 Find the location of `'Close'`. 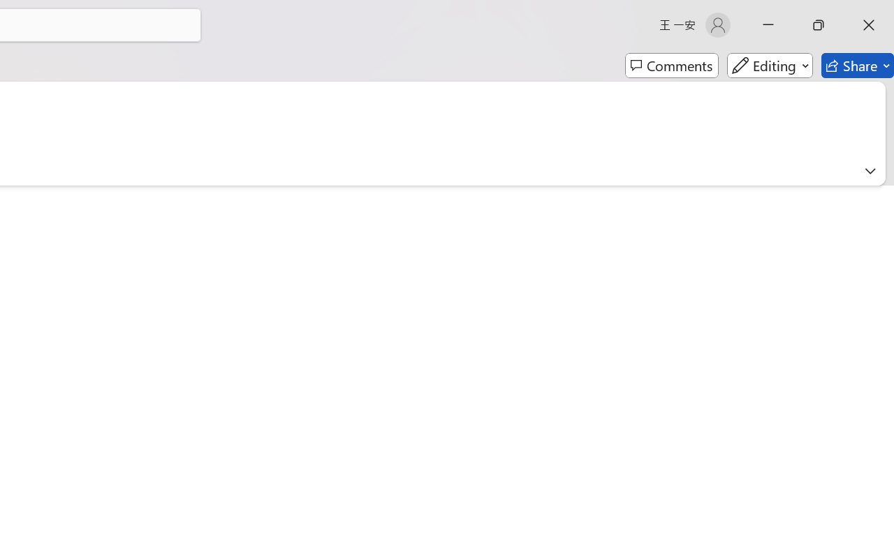

'Close' is located at coordinates (868, 24).